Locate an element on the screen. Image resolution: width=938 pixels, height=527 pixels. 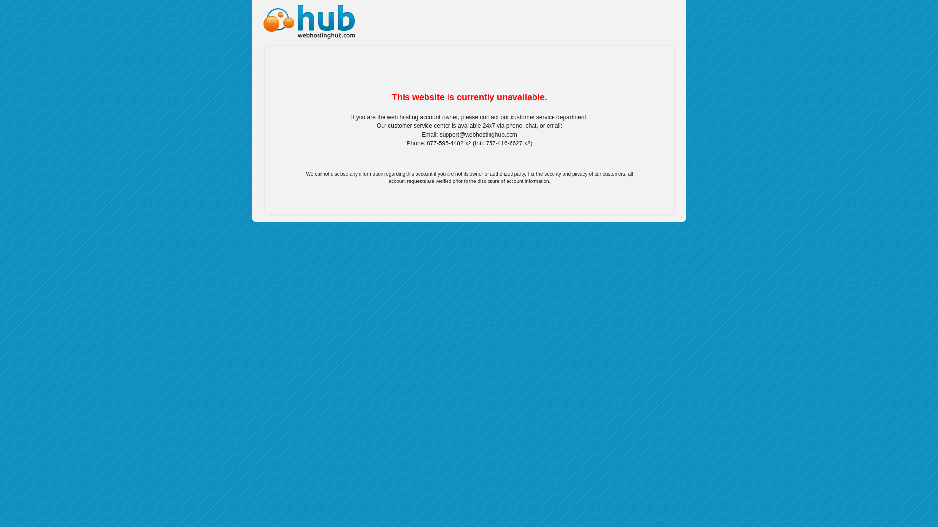
'Web Hosting Hub' is located at coordinates (306, 19).